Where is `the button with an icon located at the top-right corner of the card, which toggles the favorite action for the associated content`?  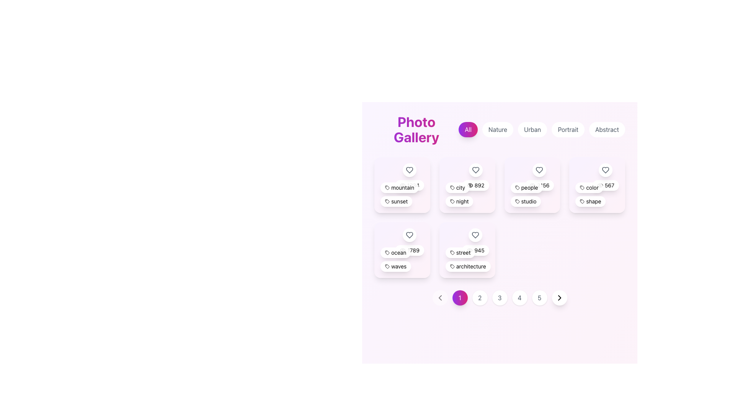 the button with an icon located at the top-right corner of the card, which toggles the favorite action for the associated content is located at coordinates (409, 177).